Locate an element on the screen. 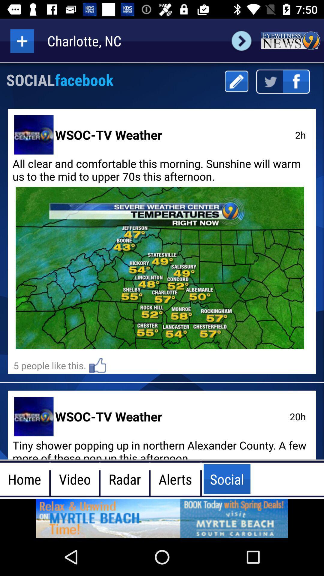 This screenshot has height=576, width=324. the edit icon is located at coordinates (236, 81).